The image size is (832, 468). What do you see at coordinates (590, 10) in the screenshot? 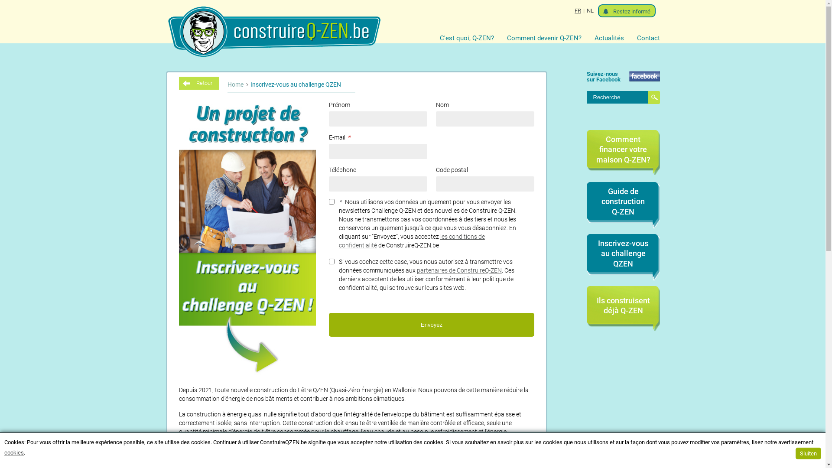
I see `'NL'` at bounding box center [590, 10].